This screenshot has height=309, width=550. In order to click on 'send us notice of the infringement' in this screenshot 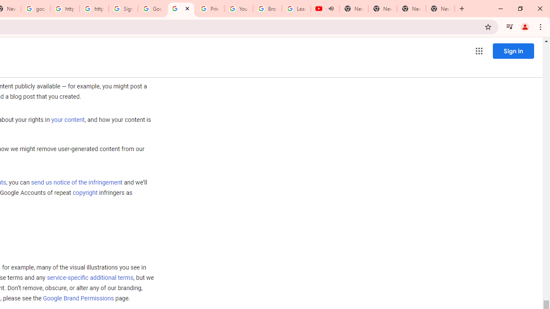, I will do `click(76, 182)`.